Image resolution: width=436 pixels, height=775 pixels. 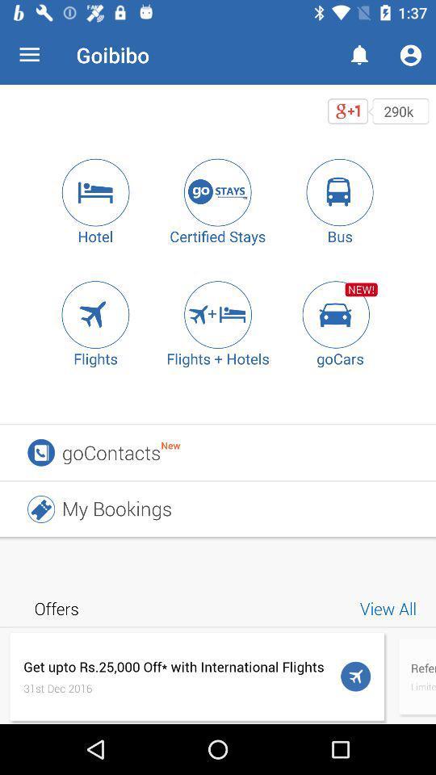 I want to click on the item next to certified stays, so click(x=95, y=192).